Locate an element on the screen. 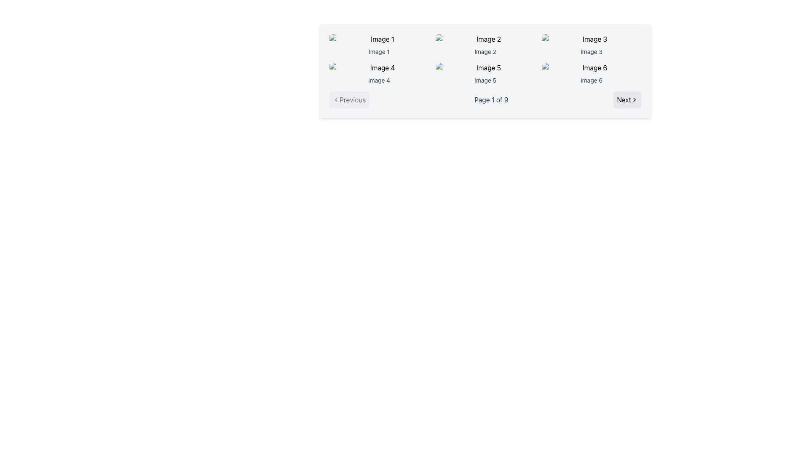 The image size is (809, 455). the image with caption 'Image 5' is located at coordinates (485, 73).